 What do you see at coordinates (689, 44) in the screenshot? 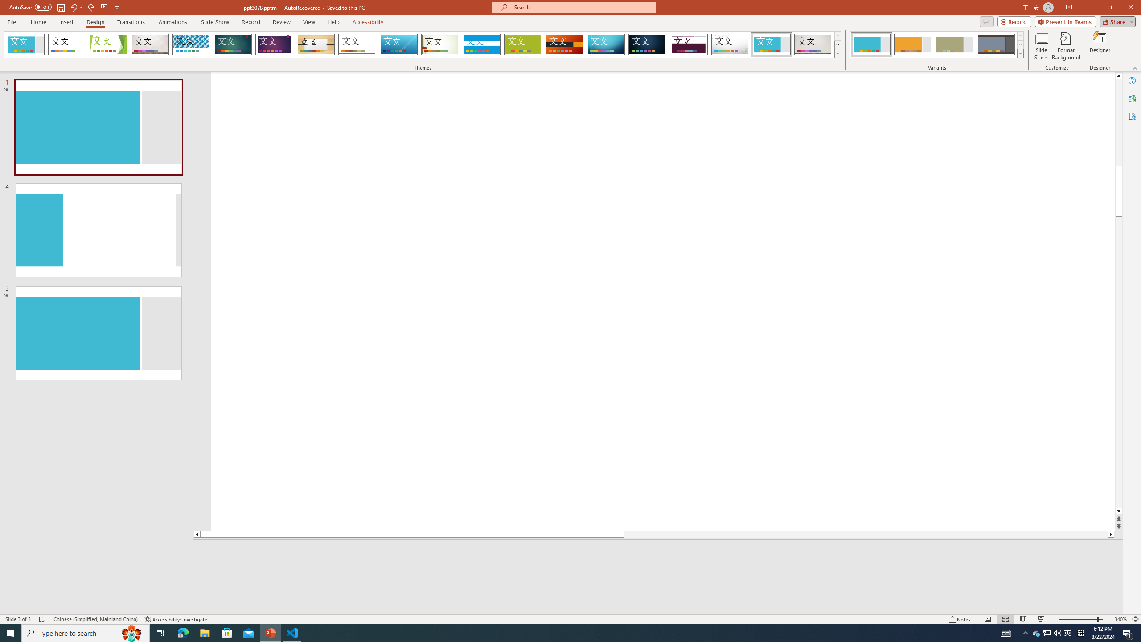
I see `'Dividend'` at bounding box center [689, 44].